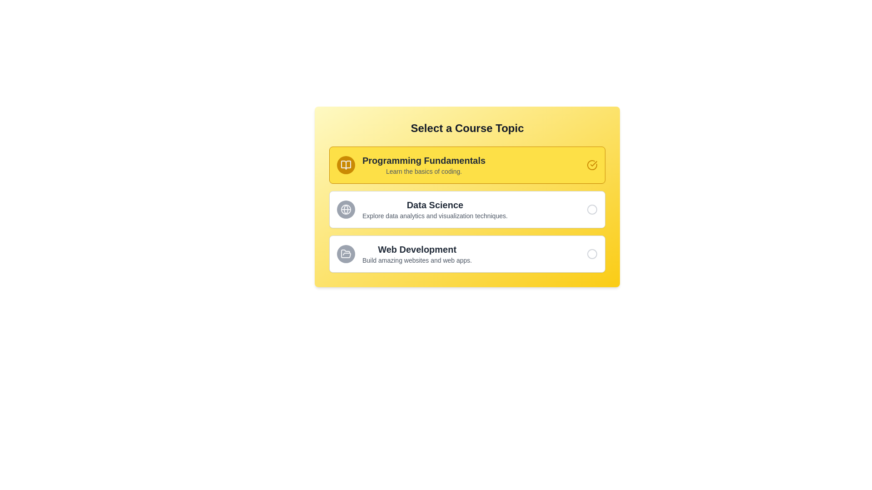  Describe the element at coordinates (434, 216) in the screenshot. I see `the descriptive text element located under the 'Data Science' course option, which provides additional context about the course` at that location.